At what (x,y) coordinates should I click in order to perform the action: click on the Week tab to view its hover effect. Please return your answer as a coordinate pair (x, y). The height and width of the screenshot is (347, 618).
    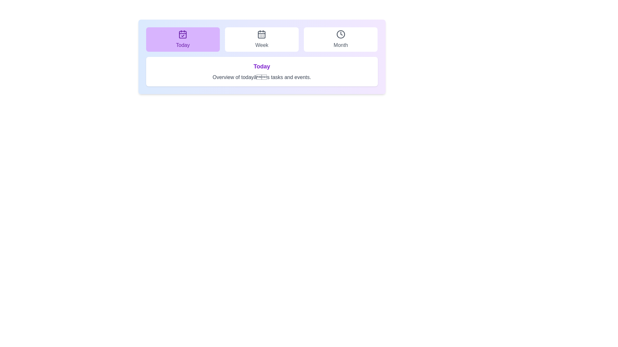
    Looking at the image, I should click on (261, 40).